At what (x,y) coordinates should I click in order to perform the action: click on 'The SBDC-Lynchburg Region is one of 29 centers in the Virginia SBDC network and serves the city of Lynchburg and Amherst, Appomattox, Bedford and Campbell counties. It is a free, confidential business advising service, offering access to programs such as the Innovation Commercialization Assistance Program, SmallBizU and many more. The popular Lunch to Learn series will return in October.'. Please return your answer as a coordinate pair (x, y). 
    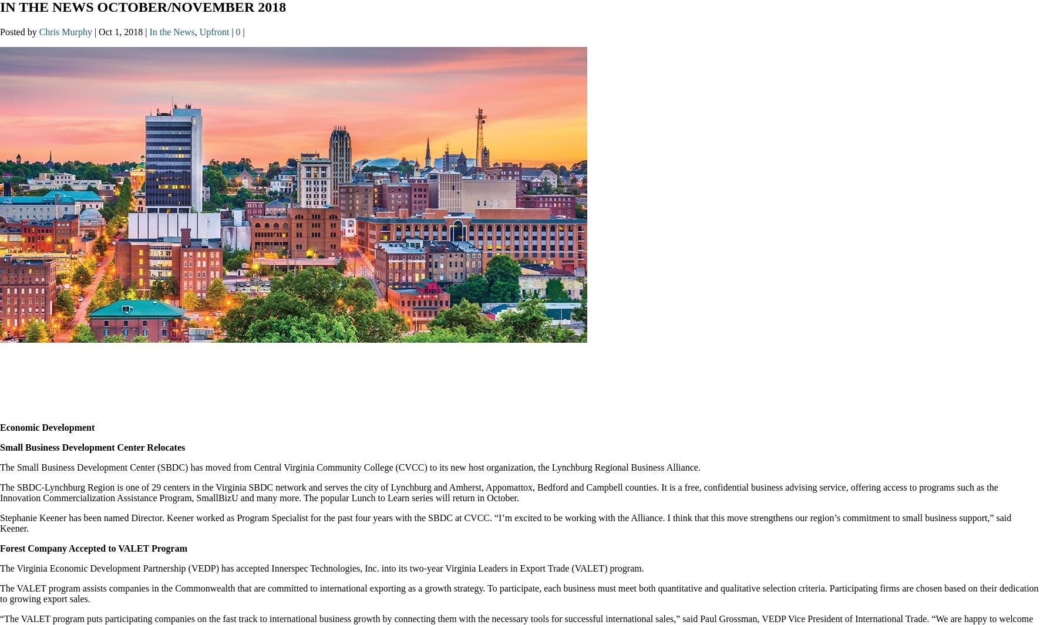
    Looking at the image, I should click on (498, 492).